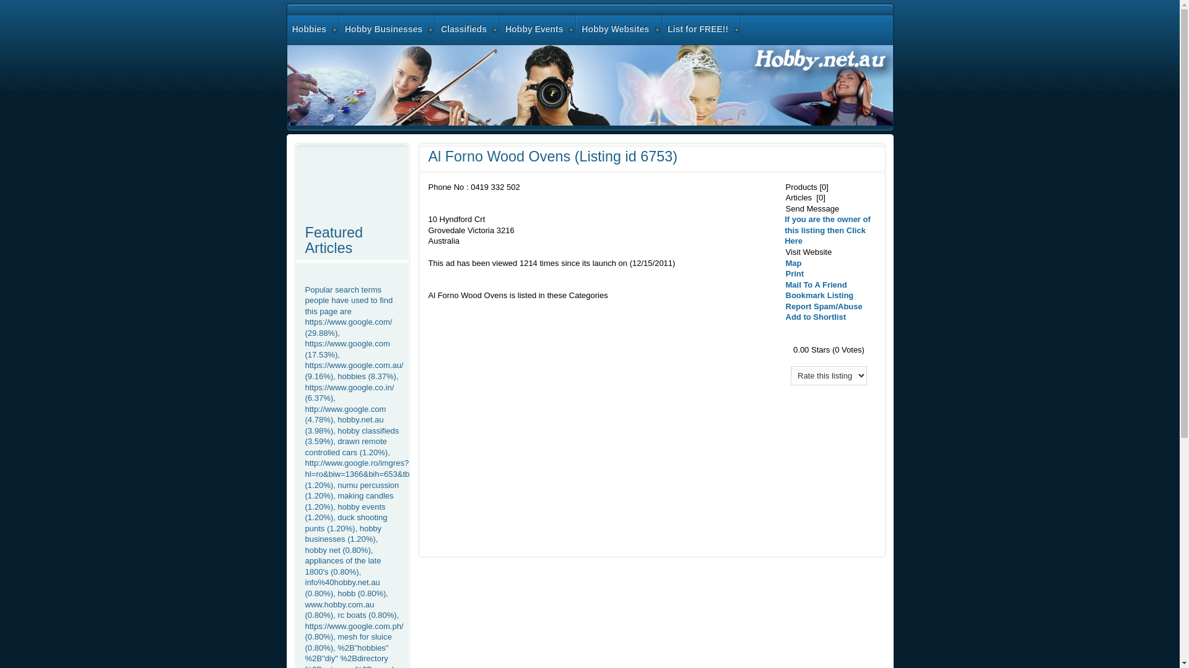 The width and height of the screenshot is (1189, 668). What do you see at coordinates (784, 316) in the screenshot?
I see `'Add to Shortlist'` at bounding box center [784, 316].